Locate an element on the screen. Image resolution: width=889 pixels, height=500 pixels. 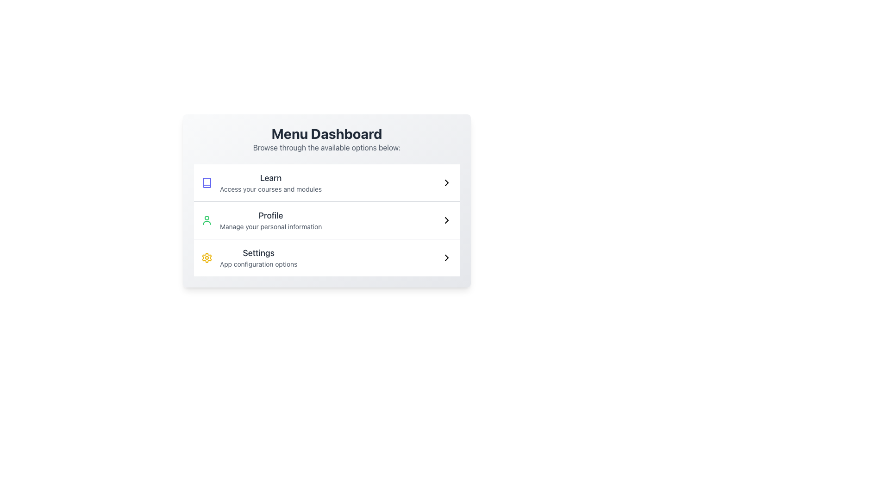
the List Item containing the main text 'Profile' and the supporting text 'Manage your personal information', which is the second item in the vertical menu list is located at coordinates (261, 220).